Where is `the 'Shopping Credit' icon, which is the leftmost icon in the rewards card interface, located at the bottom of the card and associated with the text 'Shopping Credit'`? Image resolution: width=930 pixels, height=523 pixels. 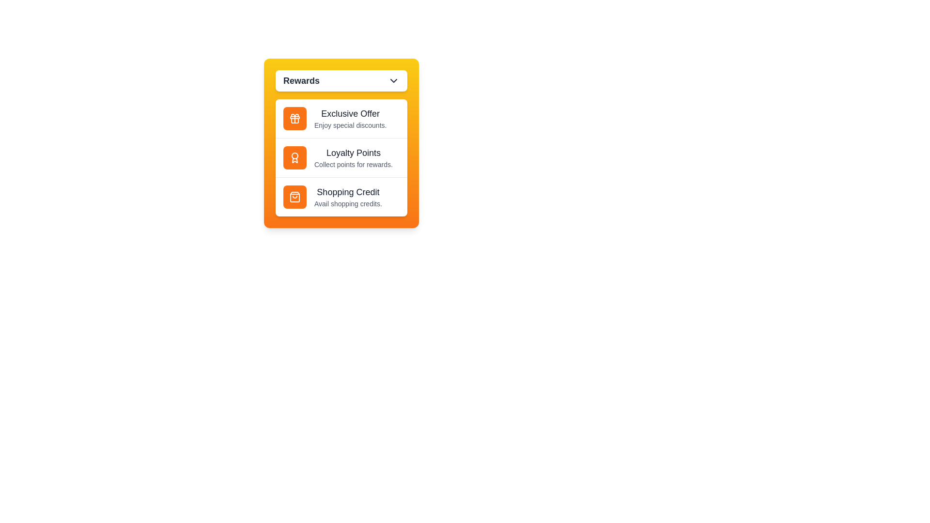 the 'Shopping Credit' icon, which is the leftmost icon in the rewards card interface, located at the bottom of the card and associated with the text 'Shopping Credit' is located at coordinates (294, 197).